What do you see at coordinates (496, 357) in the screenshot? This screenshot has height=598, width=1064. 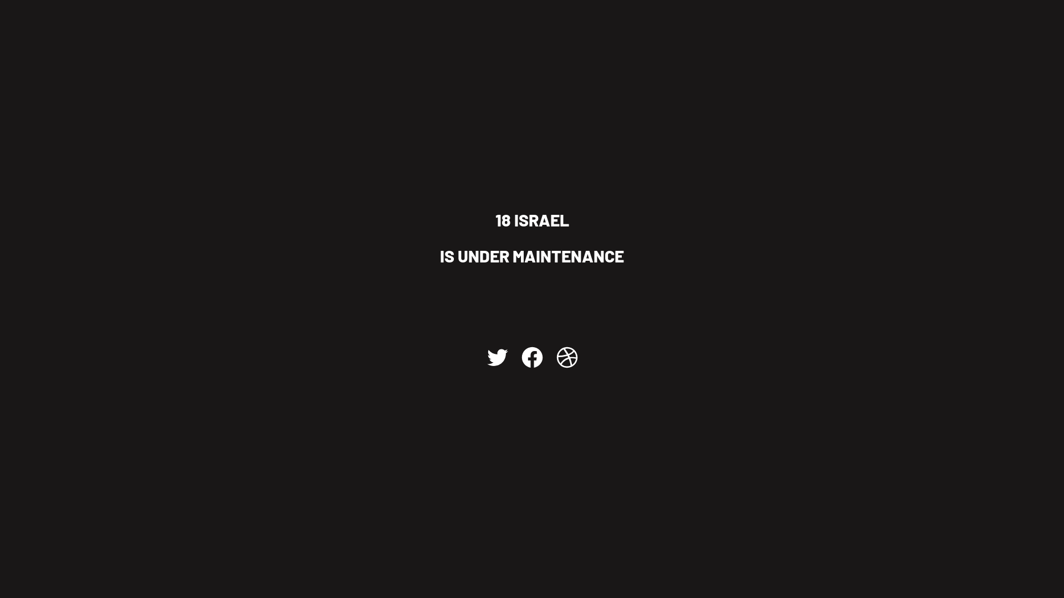 I see `'Twitter'` at bounding box center [496, 357].